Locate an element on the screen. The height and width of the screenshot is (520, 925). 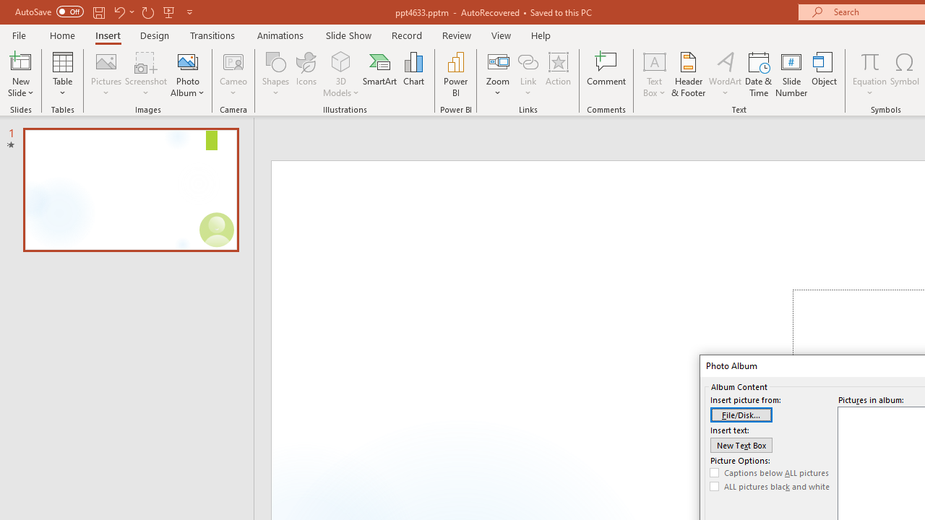
'Power BI' is located at coordinates (455, 74).